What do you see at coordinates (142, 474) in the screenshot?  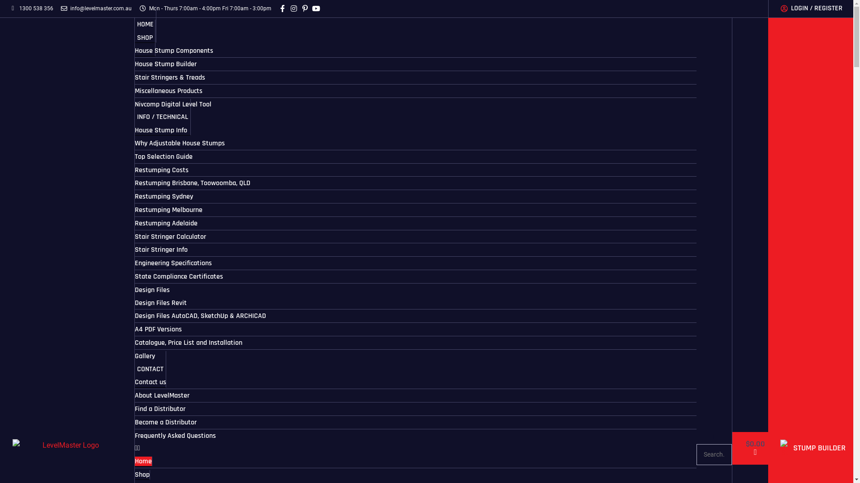 I see `'Shop'` at bounding box center [142, 474].